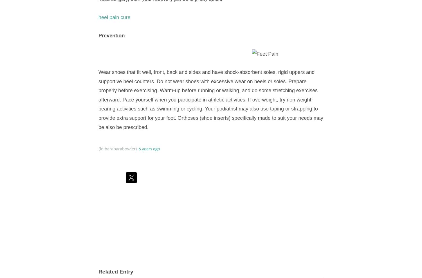  What do you see at coordinates (136, 148) in the screenshot?
I see `')'` at bounding box center [136, 148].